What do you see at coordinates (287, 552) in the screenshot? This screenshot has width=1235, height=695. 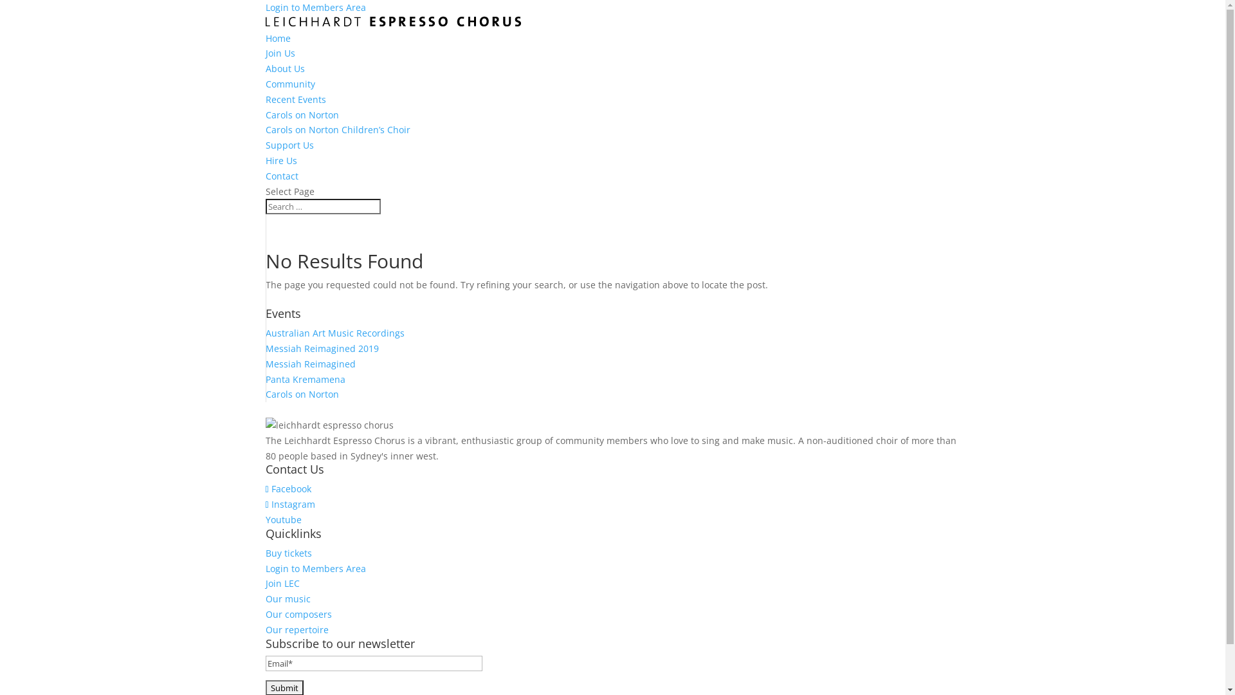 I see `'Buy tickets'` at bounding box center [287, 552].